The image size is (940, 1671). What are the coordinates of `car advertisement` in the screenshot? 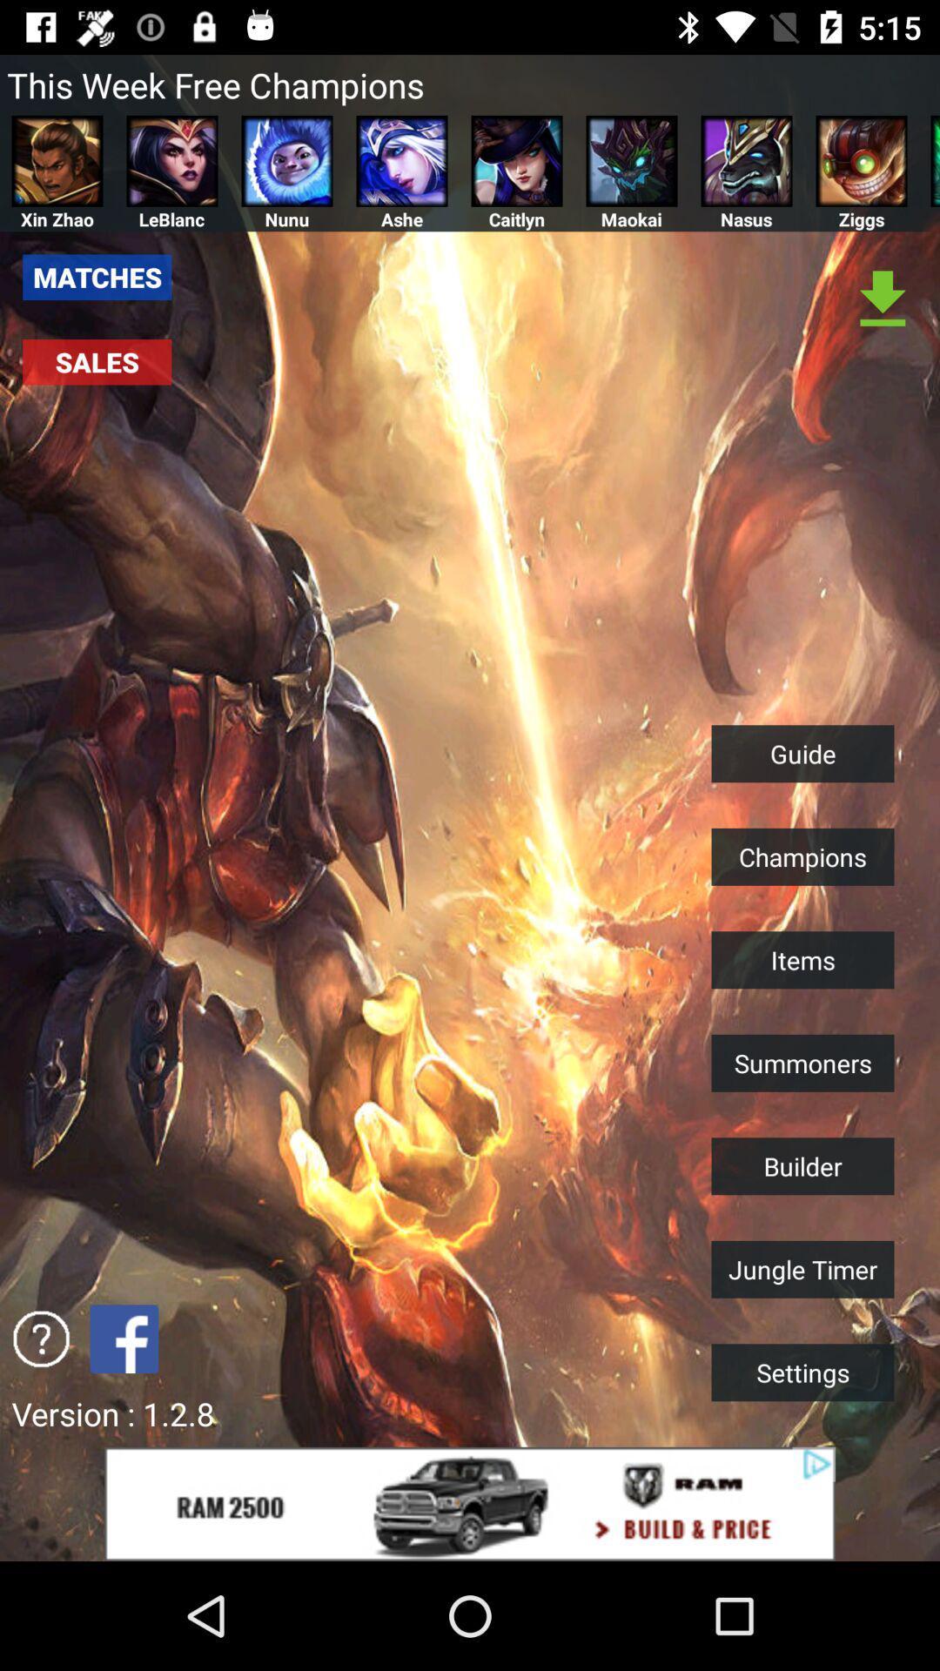 It's located at (470, 1503).